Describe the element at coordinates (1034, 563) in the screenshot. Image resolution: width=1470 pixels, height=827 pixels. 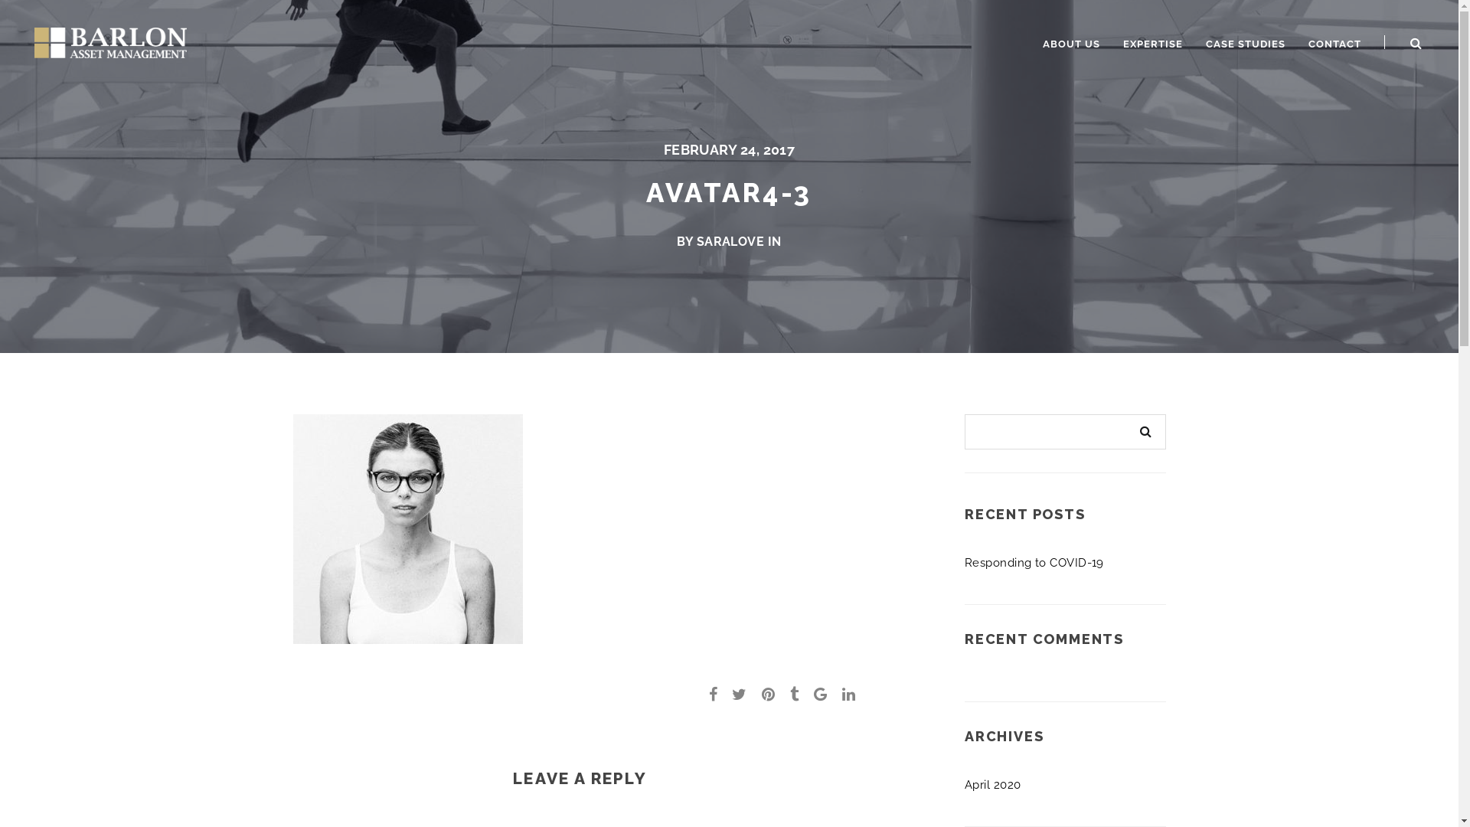
I see `'Responding to COVID-19'` at that location.